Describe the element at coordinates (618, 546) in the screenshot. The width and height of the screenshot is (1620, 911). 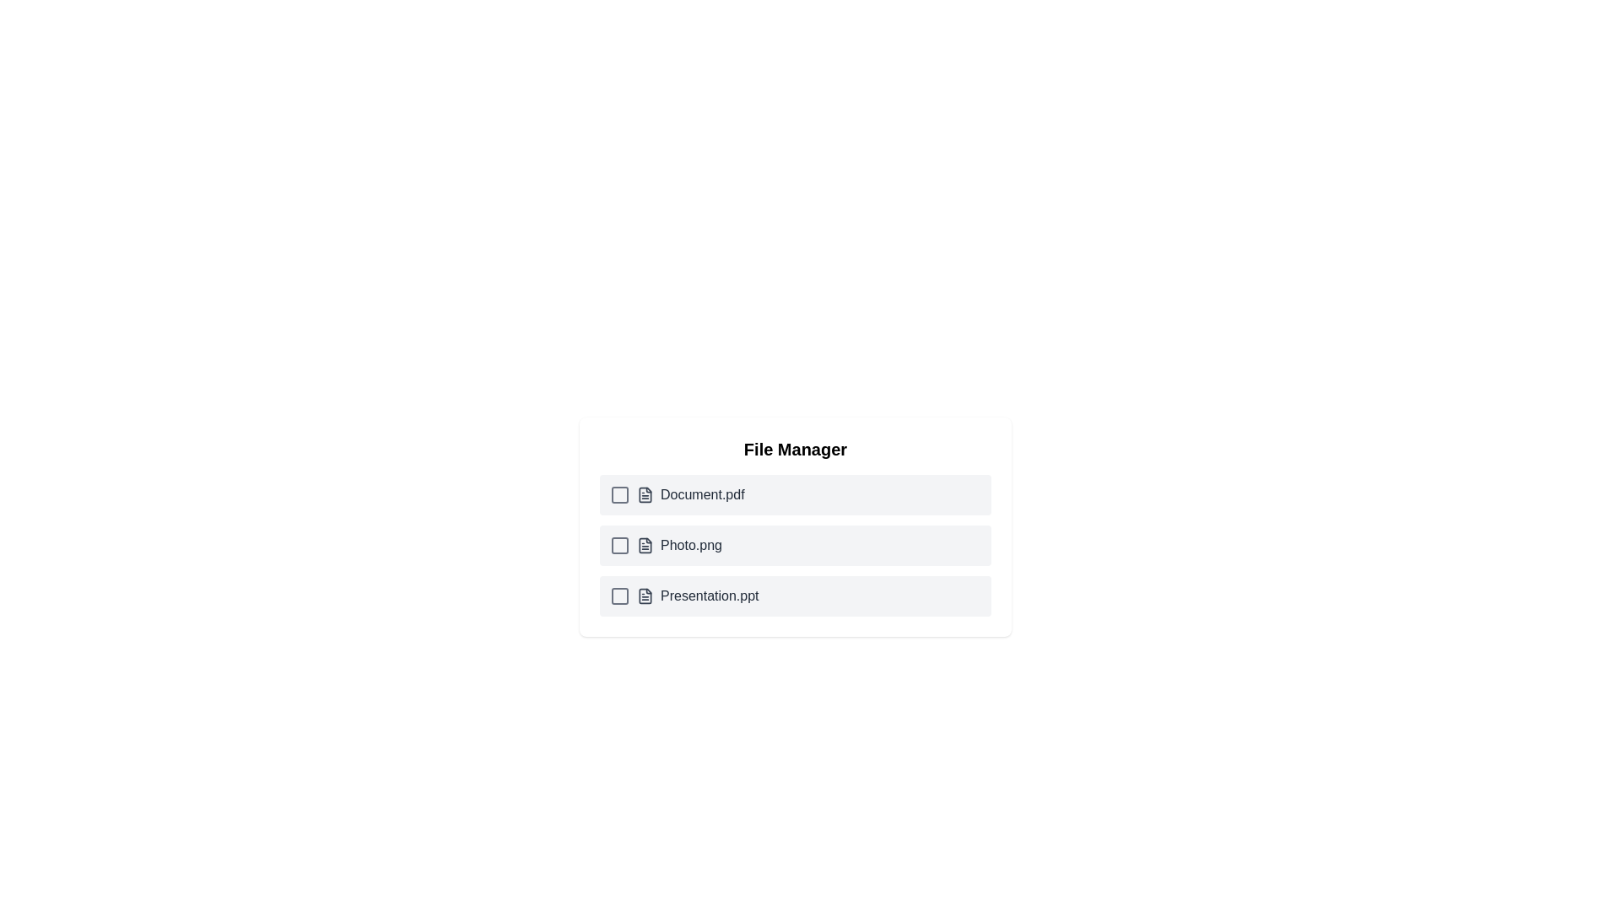
I see `the checkbox associated with the 'Photo.png' file row` at that location.